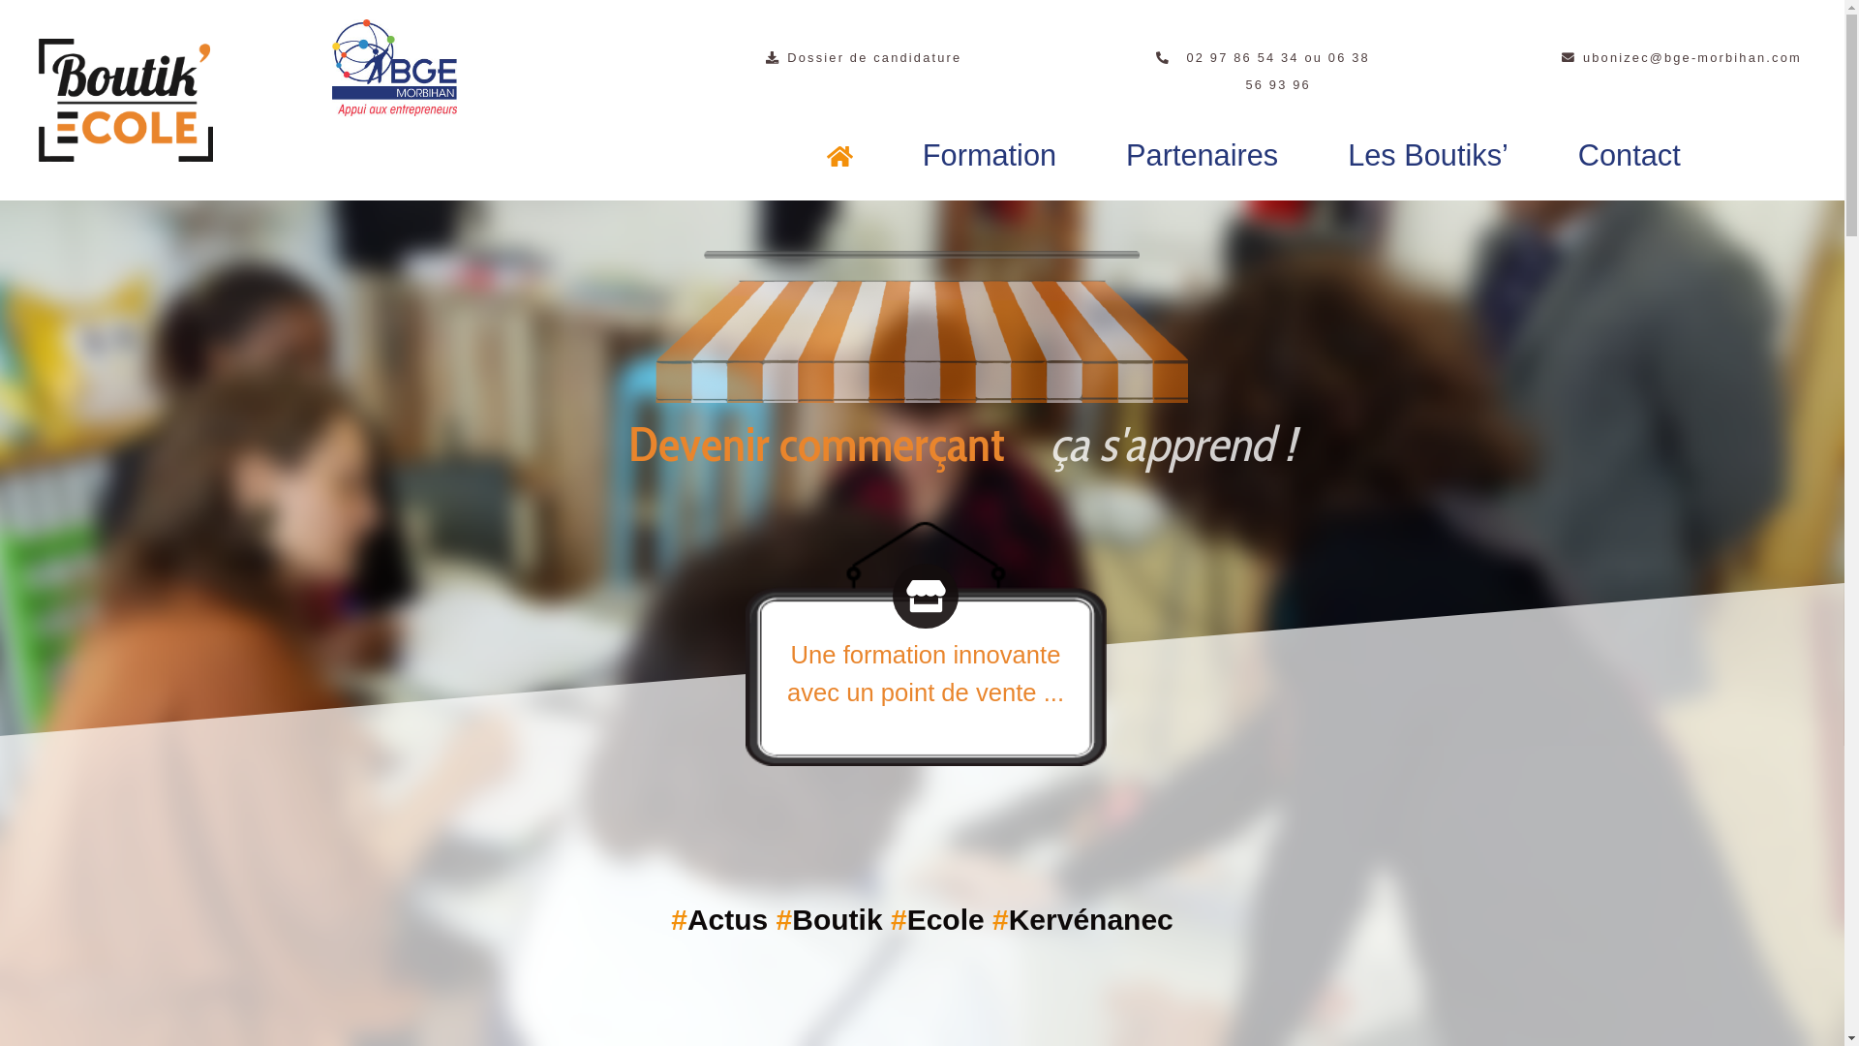 The height and width of the screenshot is (1046, 1859). What do you see at coordinates (1629, 155) in the screenshot?
I see `'Contact'` at bounding box center [1629, 155].